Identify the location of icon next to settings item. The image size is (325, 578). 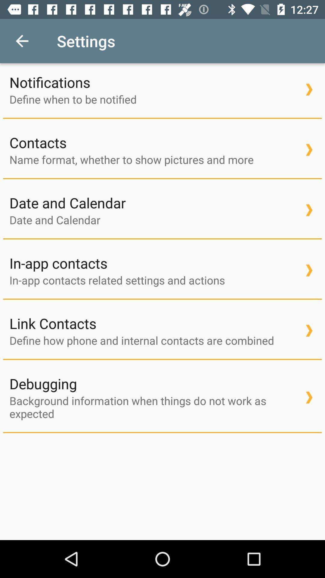
(22, 41).